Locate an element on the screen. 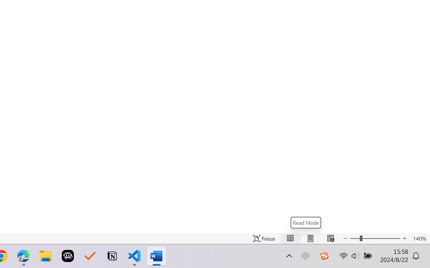  'Class: Image' is located at coordinates (324, 256).